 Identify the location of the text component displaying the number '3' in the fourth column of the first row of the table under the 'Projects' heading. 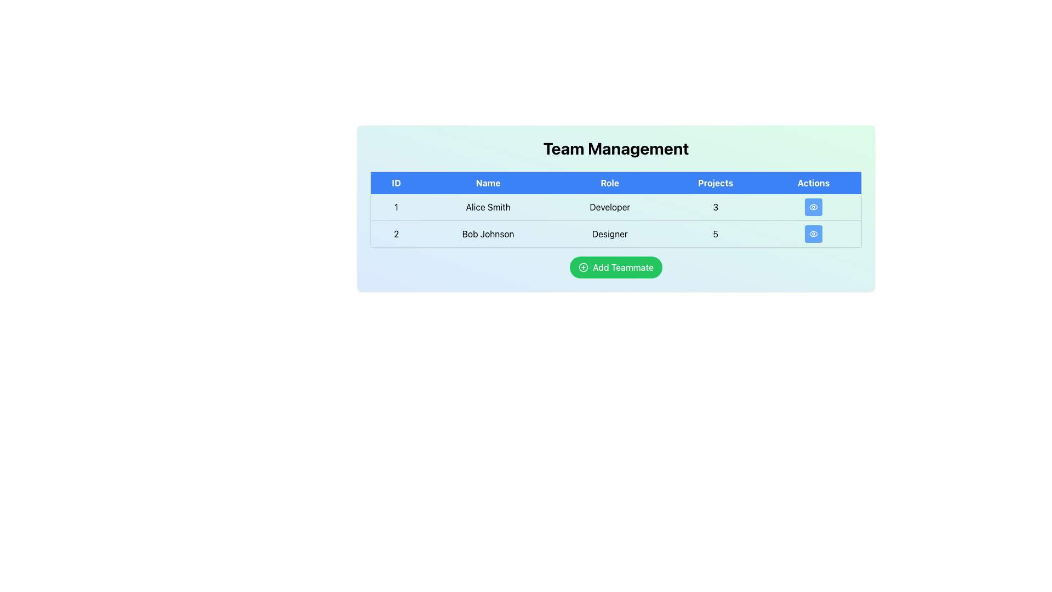
(716, 207).